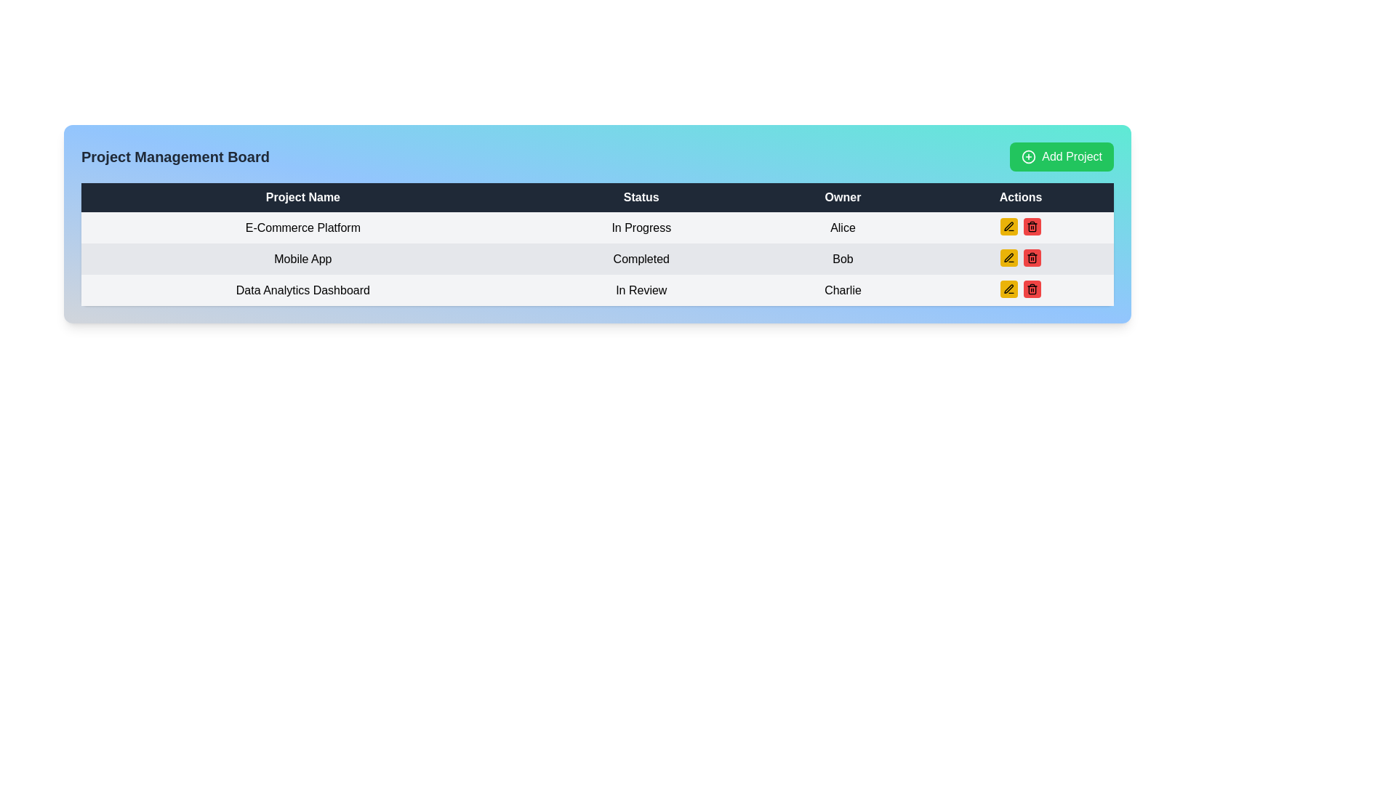  What do you see at coordinates (641, 228) in the screenshot?
I see `text from the 'Status' column of the row labeled 'E-Commerce Platform', which serves as a status indicator for the current state of the project` at bounding box center [641, 228].